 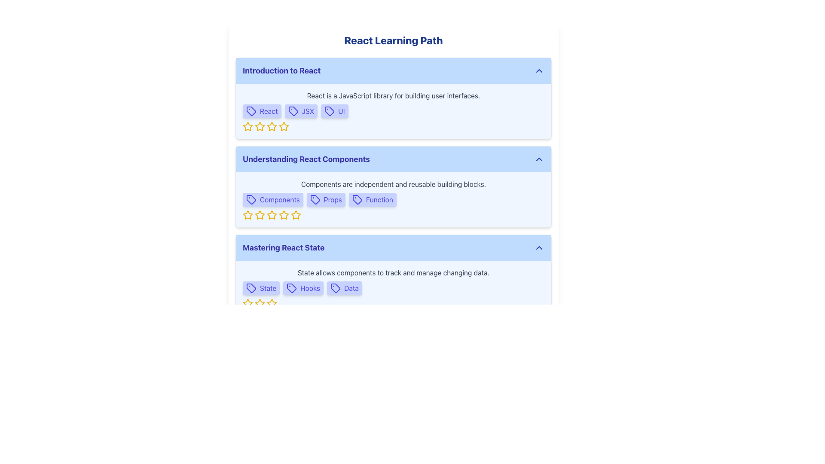 I want to click on the tag-like icon located in the 'Understanding React Components' section, adjacent to the 'Props' label icon, so click(x=315, y=200).